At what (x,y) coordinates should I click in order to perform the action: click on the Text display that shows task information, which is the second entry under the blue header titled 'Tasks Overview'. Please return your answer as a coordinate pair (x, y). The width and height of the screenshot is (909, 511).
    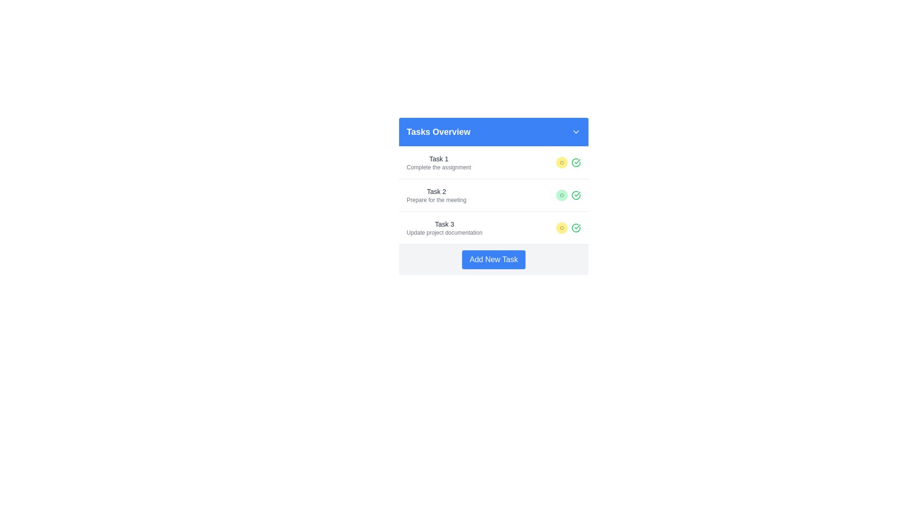
    Looking at the image, I should click on (436, 194).